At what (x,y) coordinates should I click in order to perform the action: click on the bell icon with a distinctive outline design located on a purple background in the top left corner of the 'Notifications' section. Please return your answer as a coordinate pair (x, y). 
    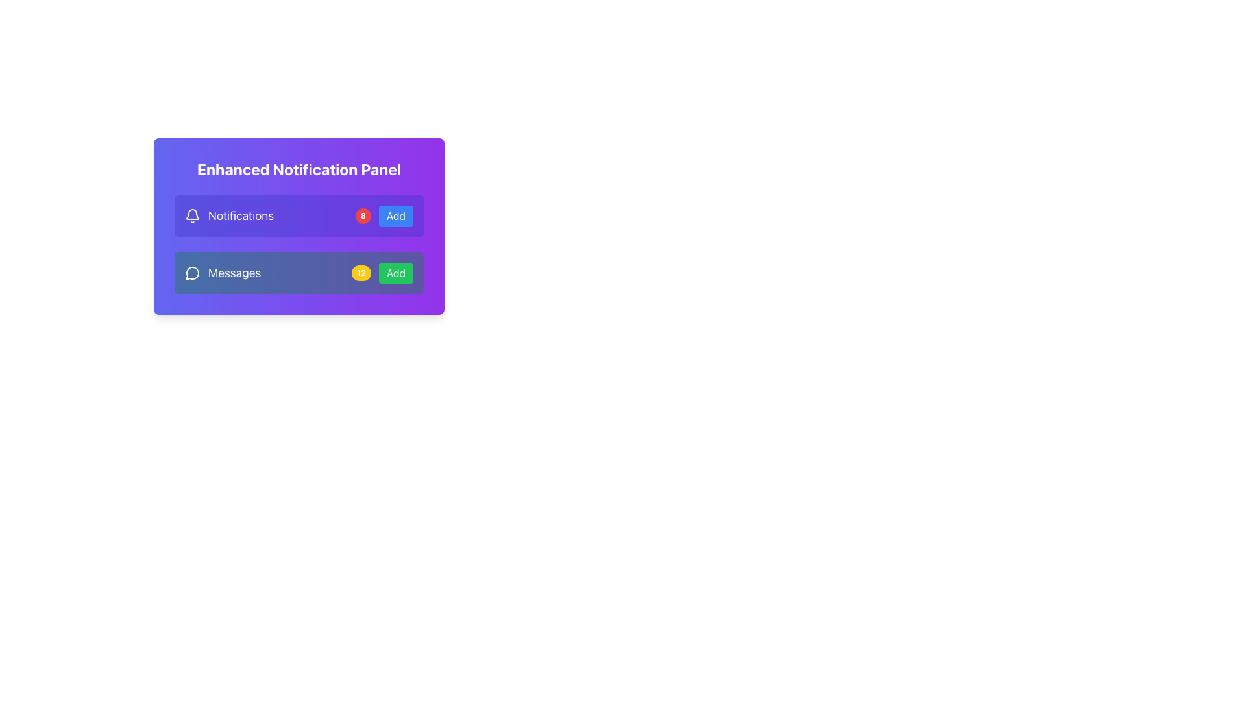
    Looking at the image, I should click on (192, 215).